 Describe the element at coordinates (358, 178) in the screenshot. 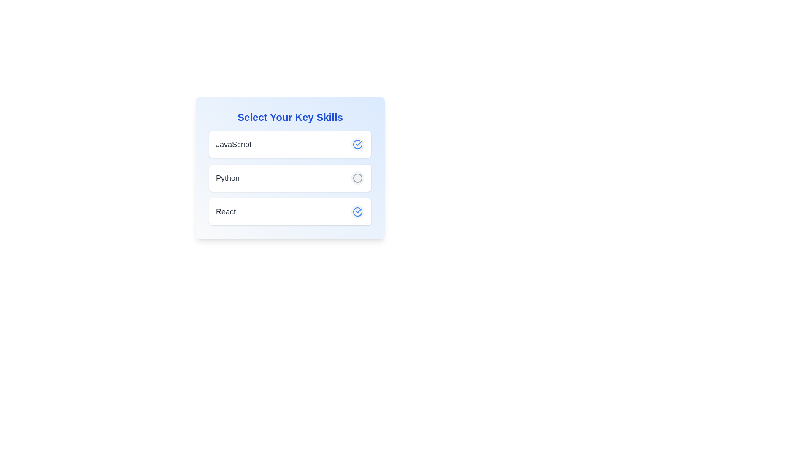

I see `the skill Python by clicking its associated button` at that location.